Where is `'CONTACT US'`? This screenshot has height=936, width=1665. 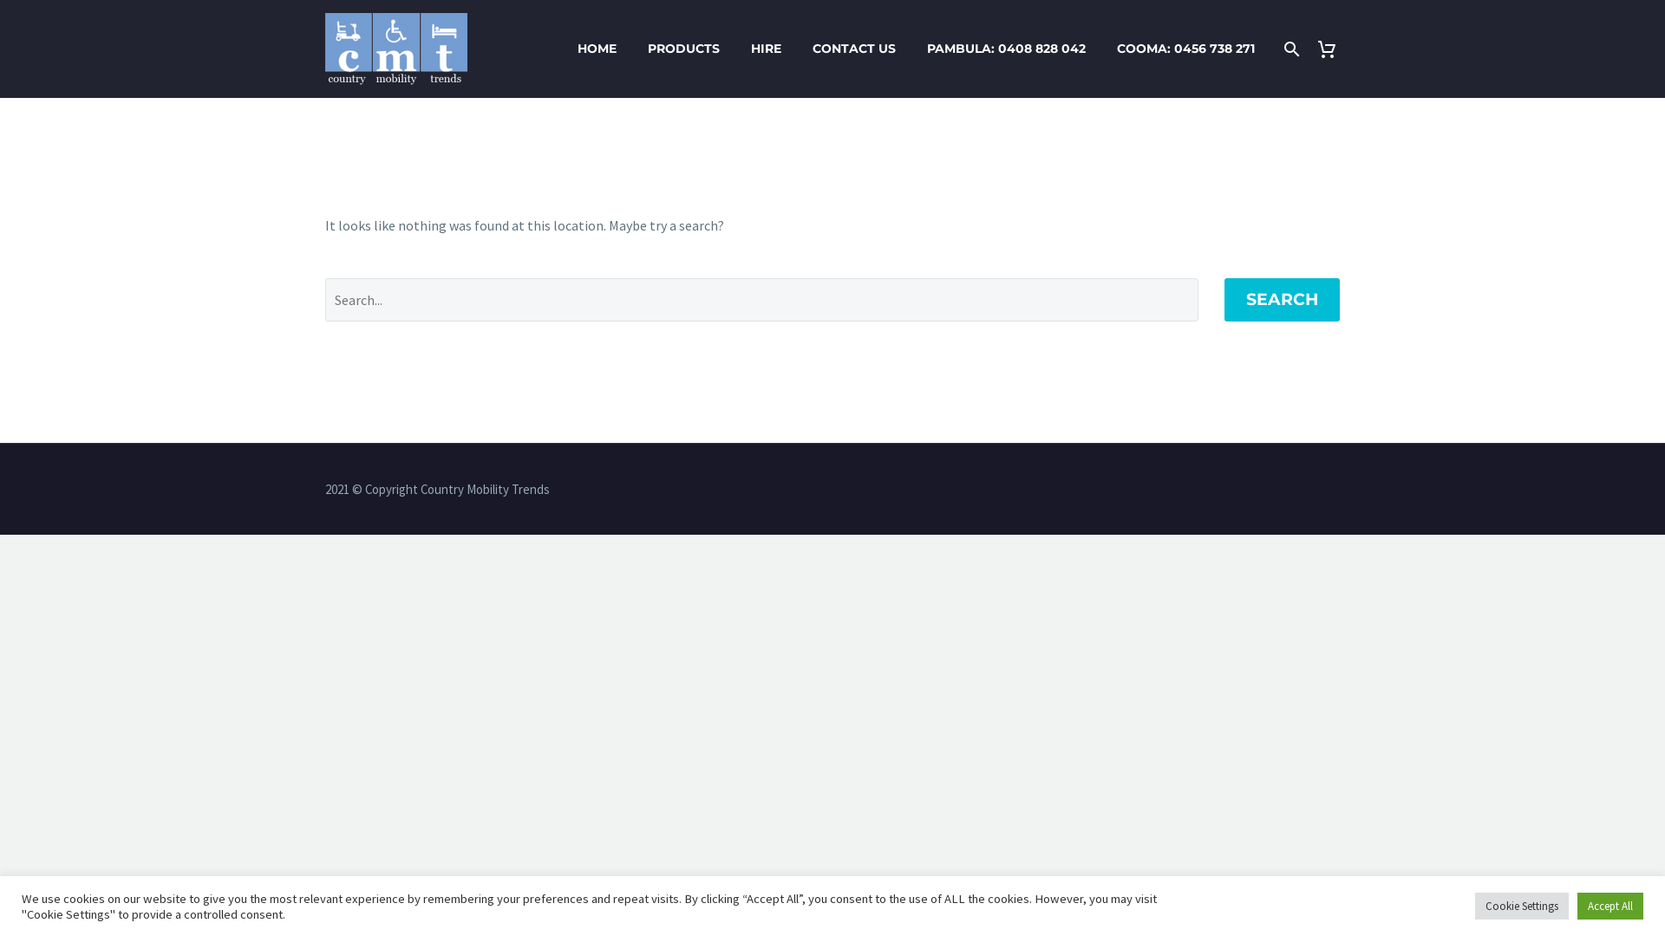 'CONTACT US' is located at coordinates (853, 48).